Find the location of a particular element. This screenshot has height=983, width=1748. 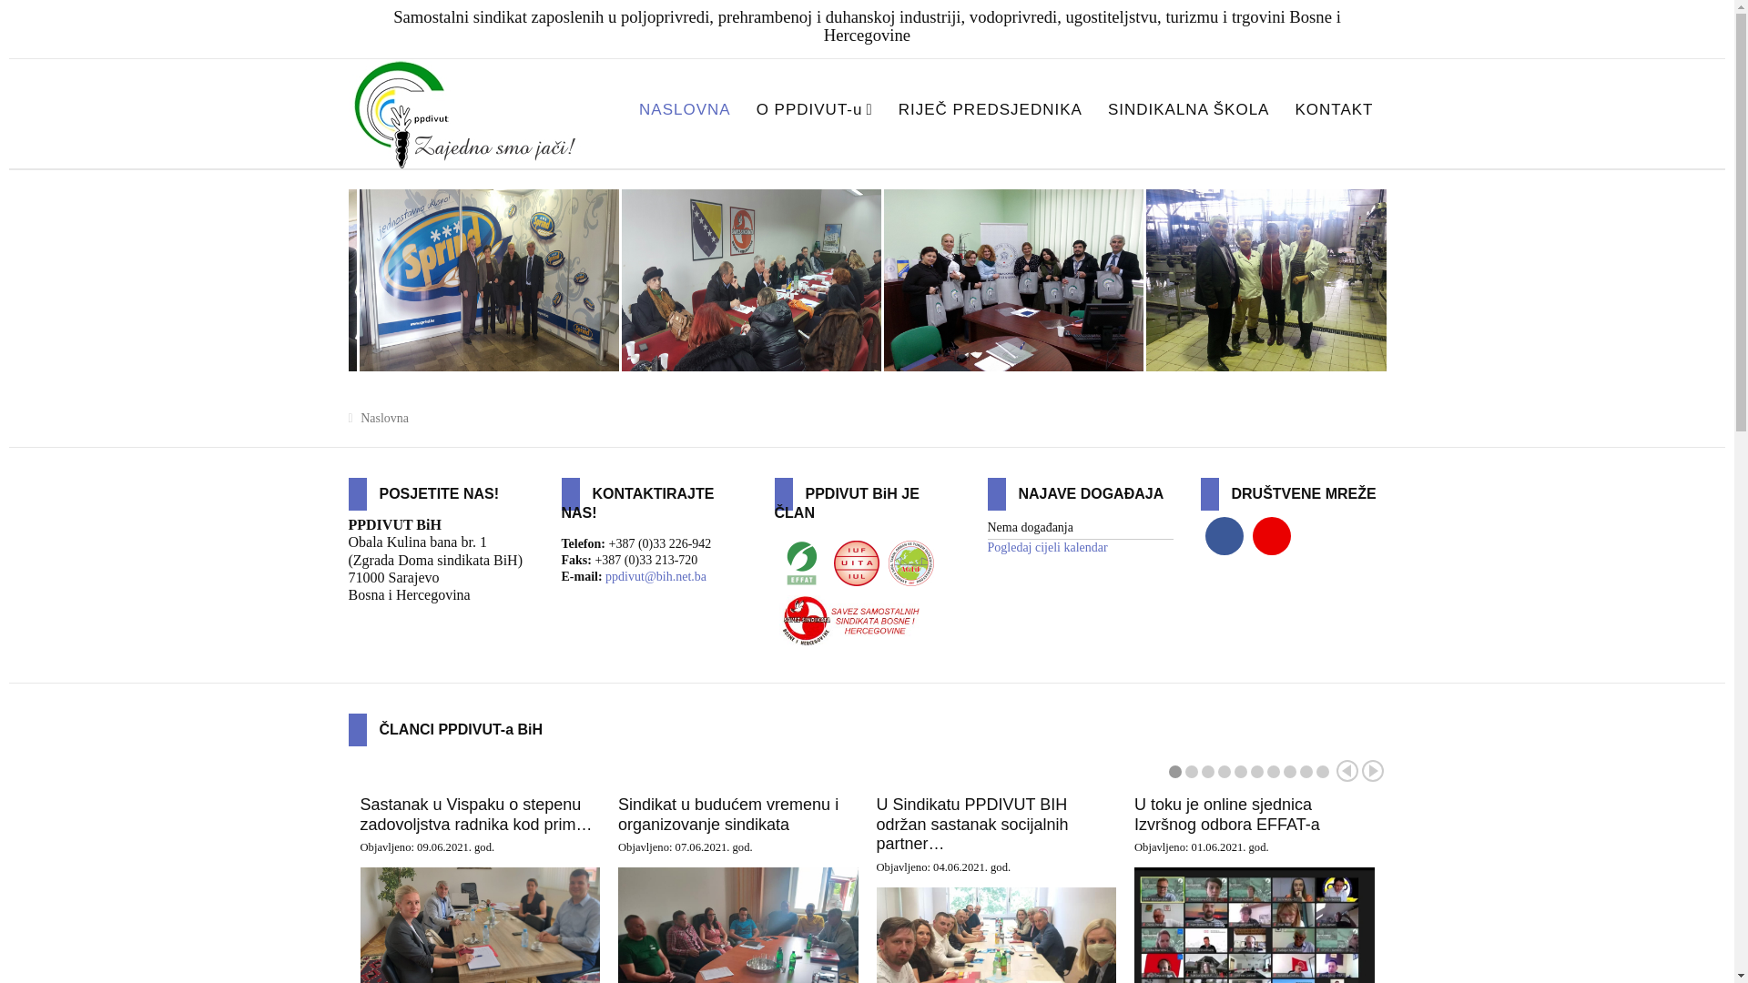

'7' is located at coordinates (1272, 772).